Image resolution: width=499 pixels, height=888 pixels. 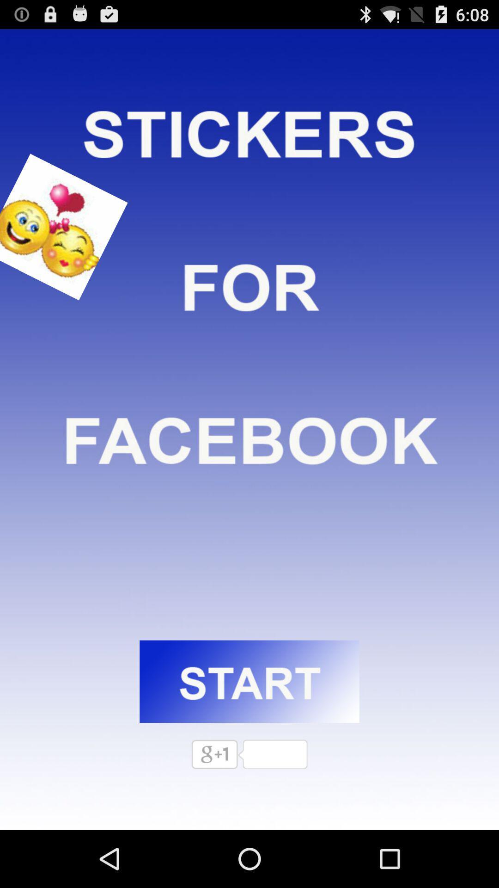 I want to click on facebook emoji sticker, so click(x=55, y=227).